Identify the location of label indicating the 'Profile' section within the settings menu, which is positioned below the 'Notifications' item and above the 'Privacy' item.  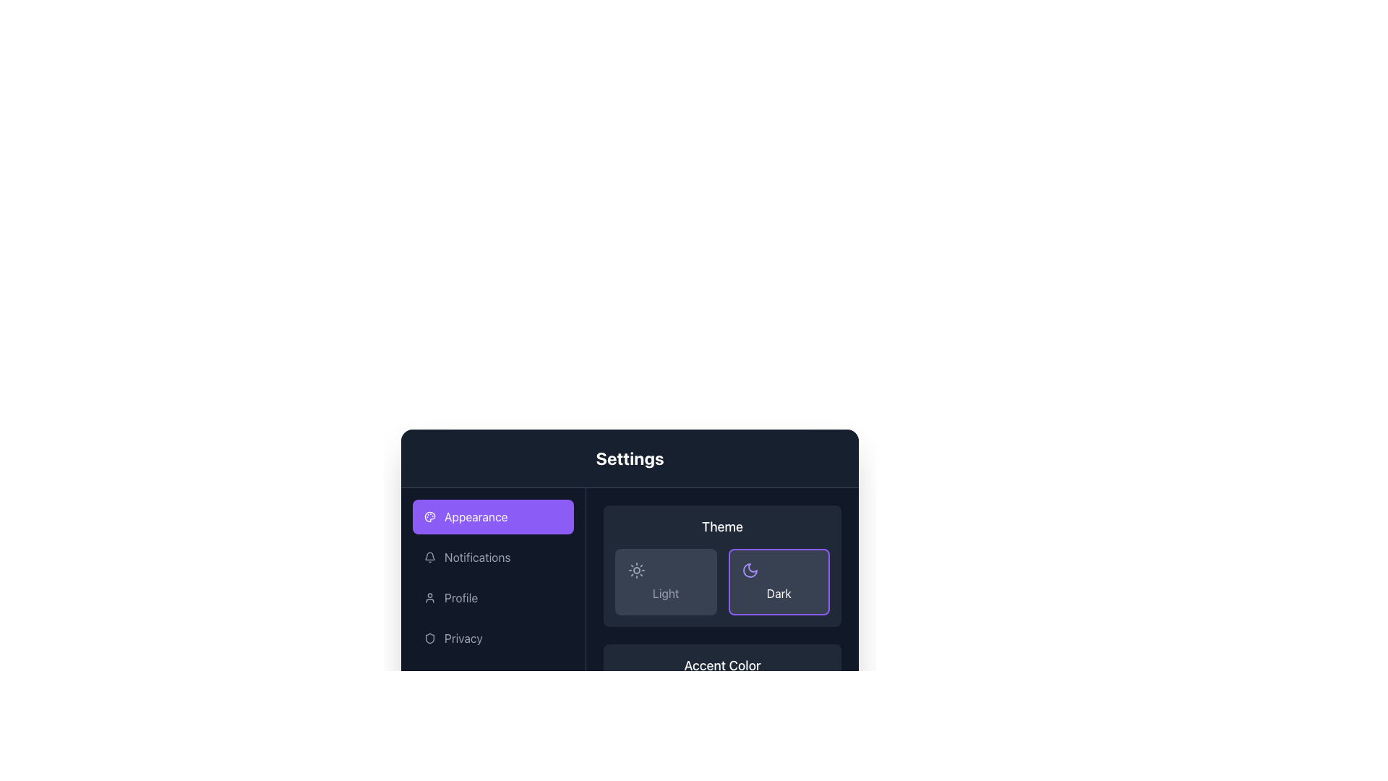
(460, 597).